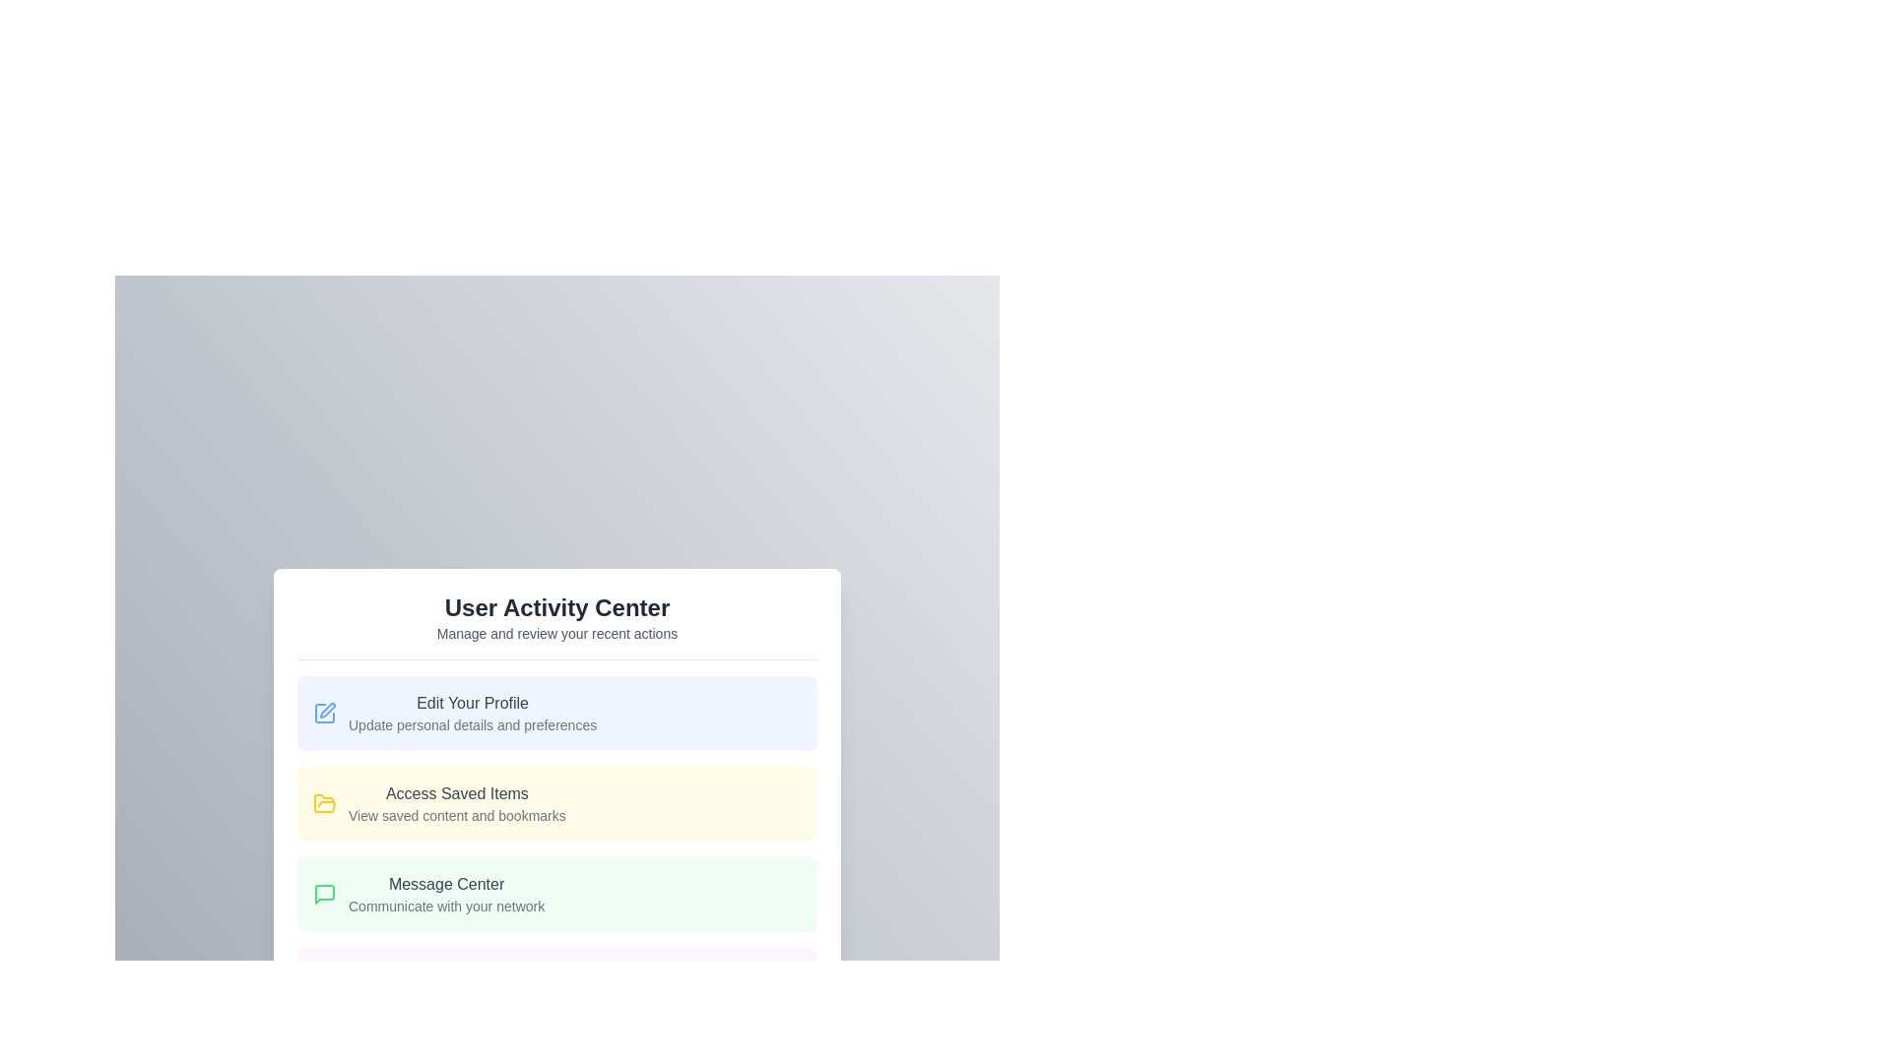  What do you see at coordinates (325, 803) in the screenshot?
I see `the small folder icon with a yellow outline located in the 'User Activity Center' interface, adjacent to the 'Access Saved Items' text` at bounding box center [325, 803].